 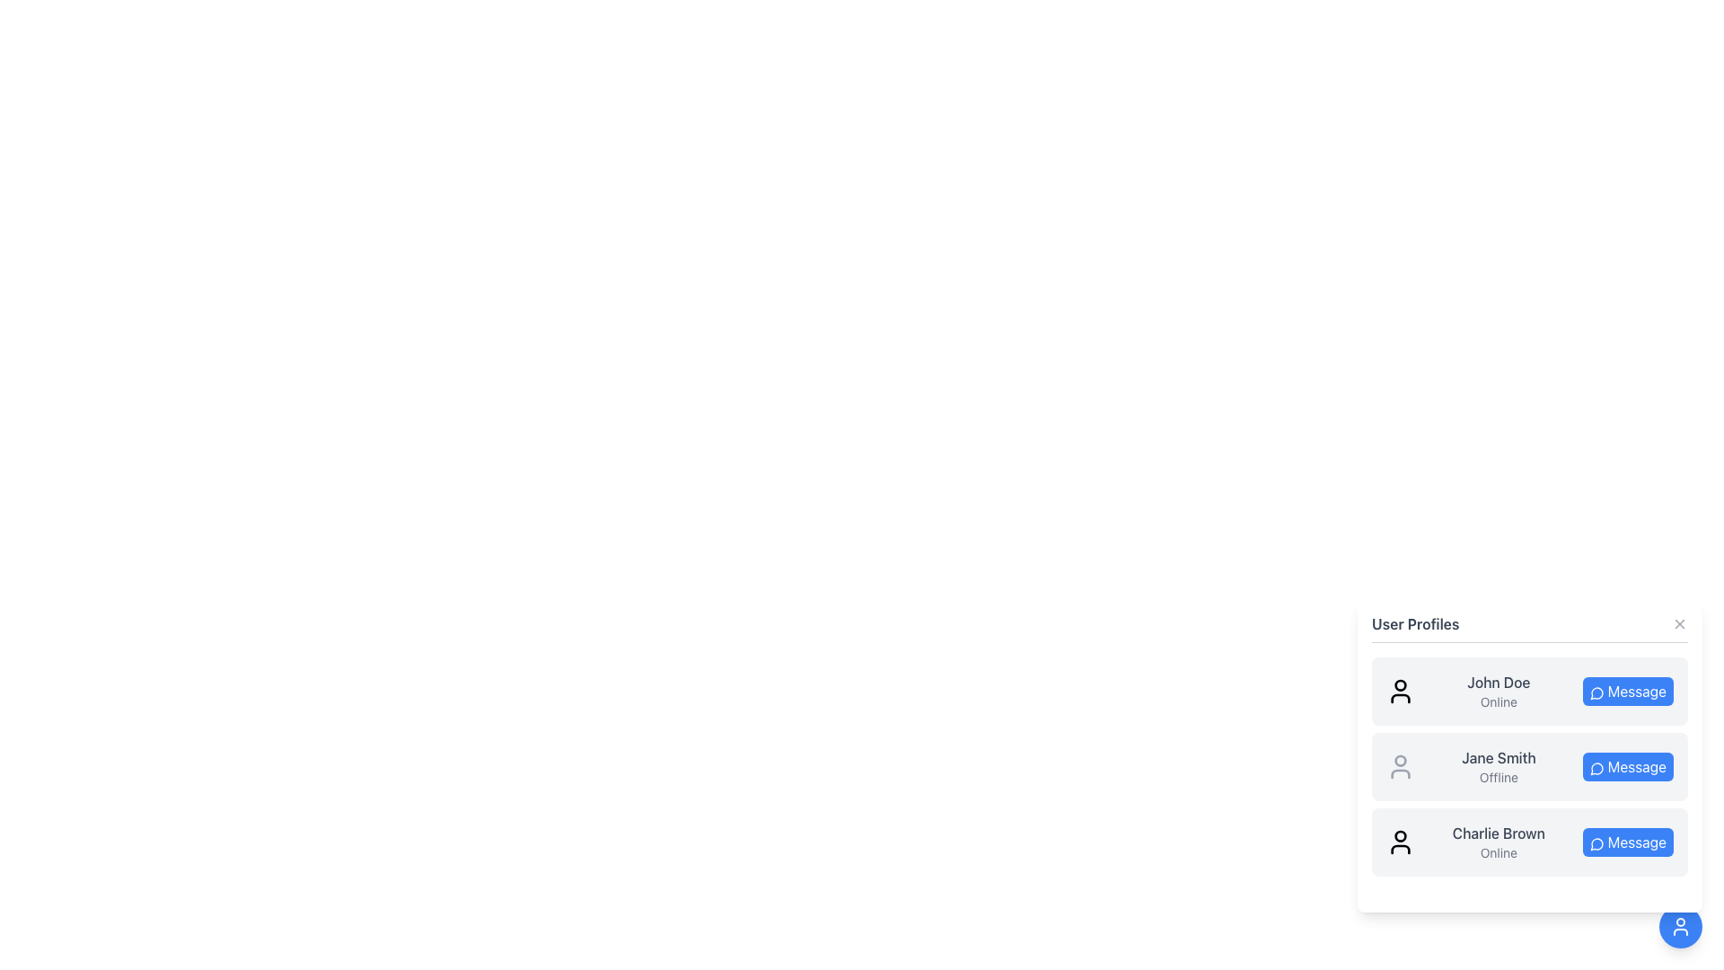 What do you see at coordinates (1679, 622) in the screenshot?
I see `the close button located at the top-right corner of the 'User Profiles' section` at bounding box center [1679, 622].